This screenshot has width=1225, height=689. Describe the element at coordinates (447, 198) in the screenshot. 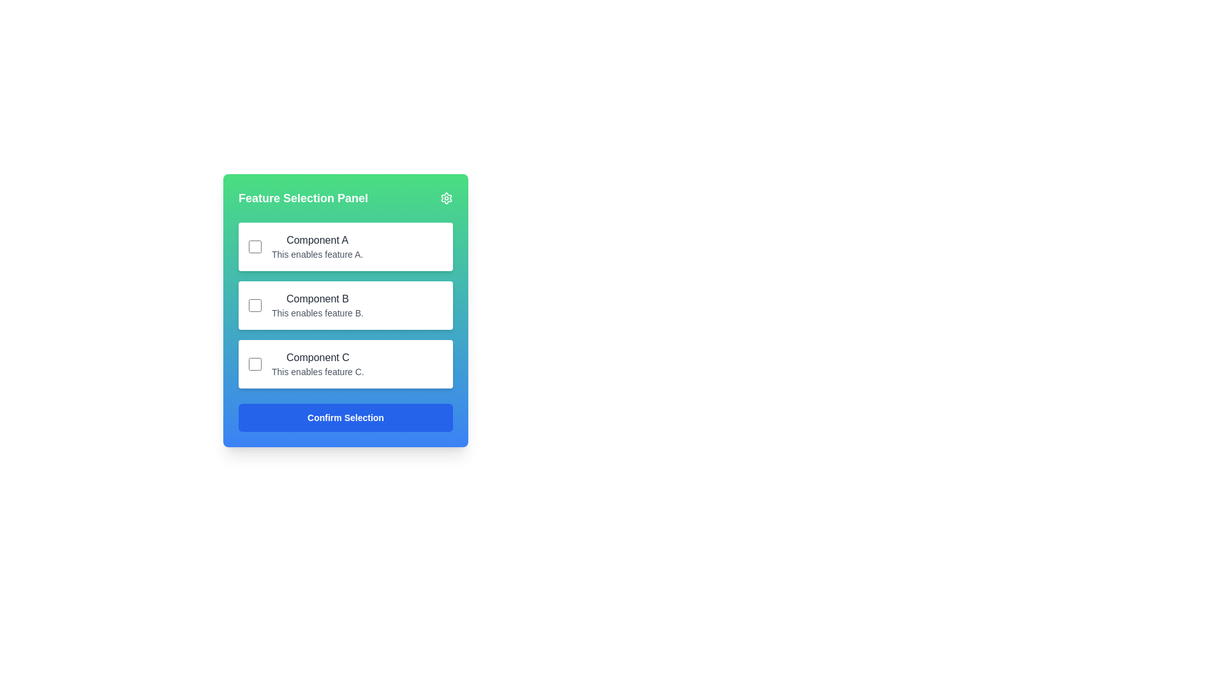

I see `the cogwheel SVG icon located at the upper-right corner of the 'Feature Selection Panel'` at that location.